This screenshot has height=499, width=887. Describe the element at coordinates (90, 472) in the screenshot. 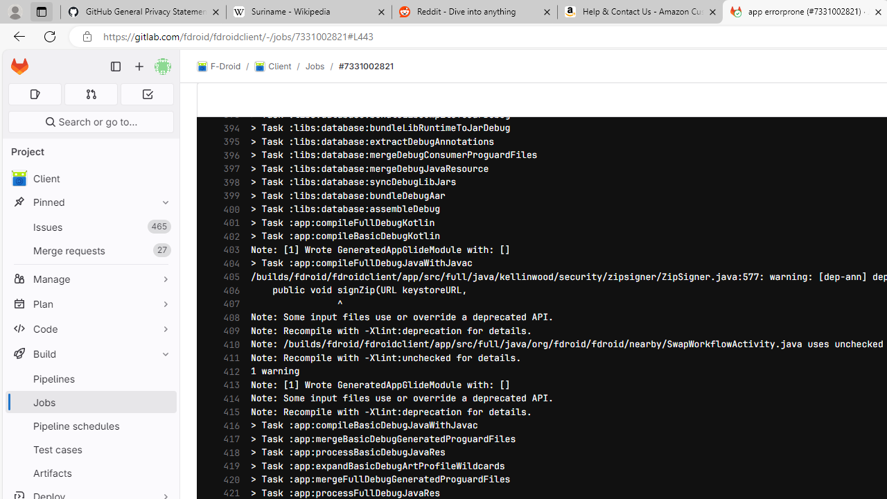

I see `'Artifacts'` at that location.